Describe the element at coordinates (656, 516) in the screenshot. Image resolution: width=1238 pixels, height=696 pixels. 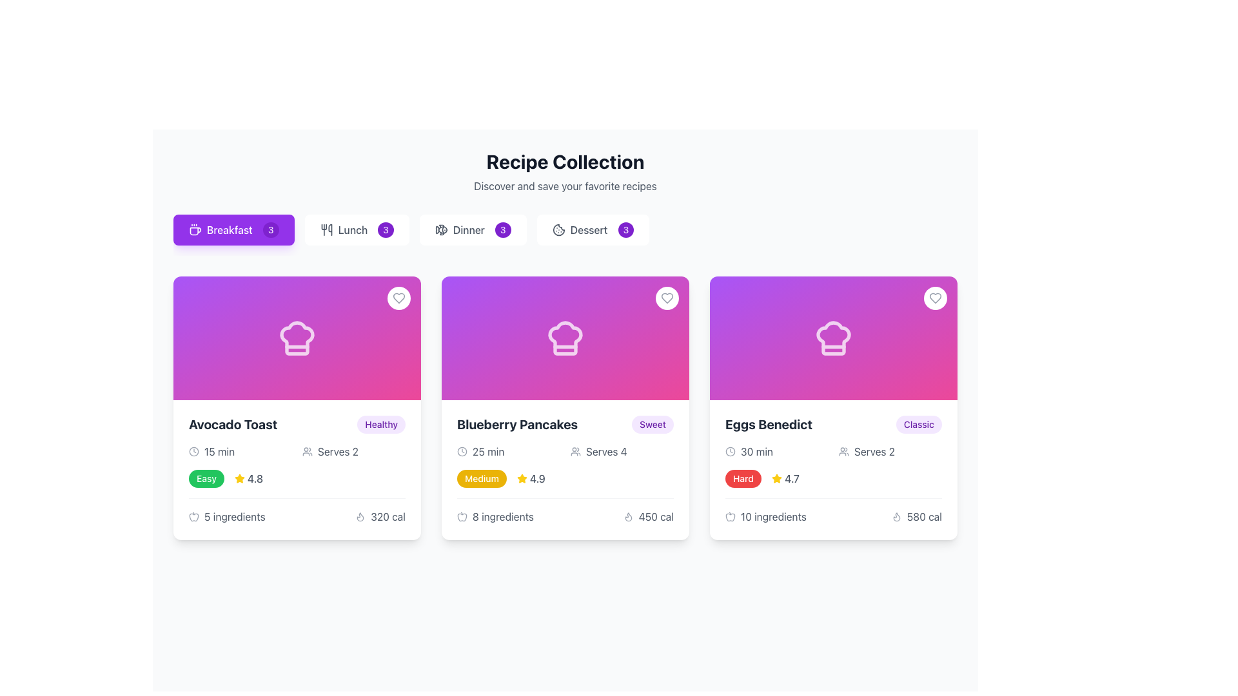
I see `the text label displaying the caloric content for the 'Blueberry Pancakes' recipe to trigger potential tooltips or underlying actions` at that location.